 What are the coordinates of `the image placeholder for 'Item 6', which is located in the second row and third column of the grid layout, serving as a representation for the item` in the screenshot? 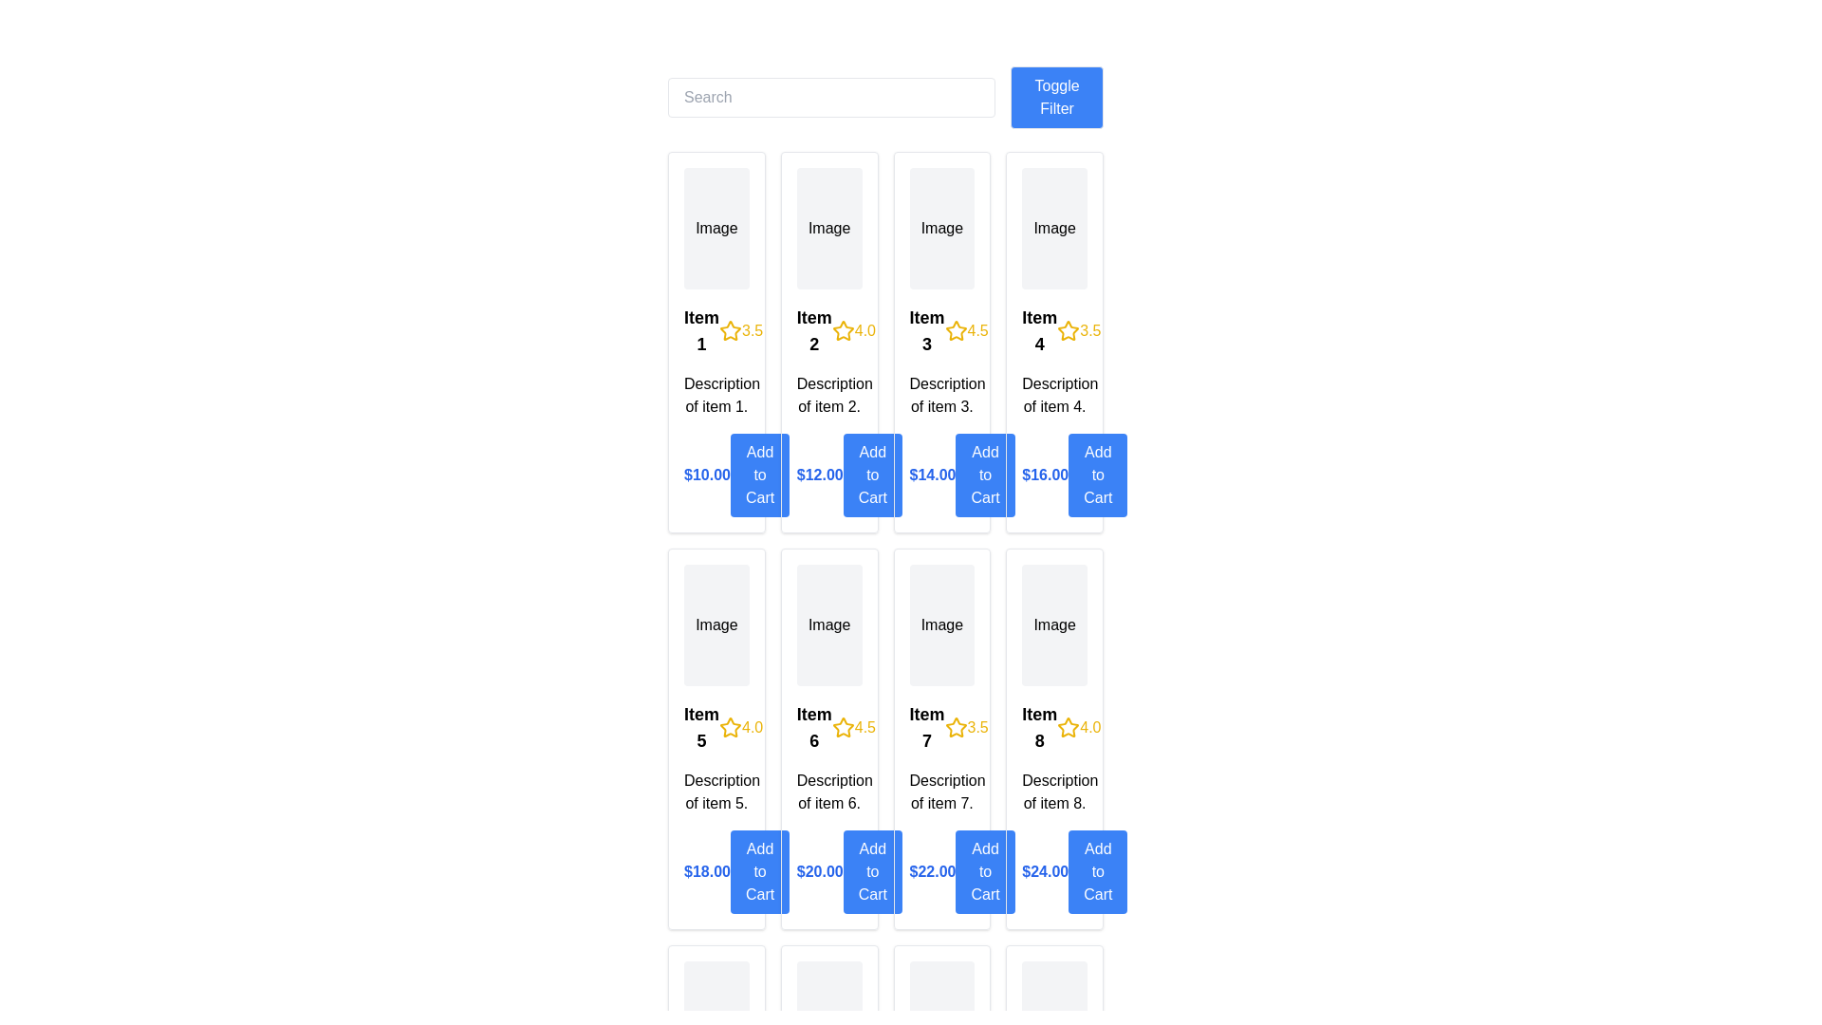 It's located at (828, 625).